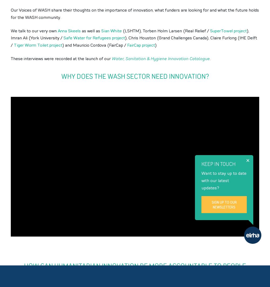 This screenshot has height=287, width=270. What do you see at coordinates (155, 45) in the screenshot?
I see `')'` at bounding box center [155, 45].